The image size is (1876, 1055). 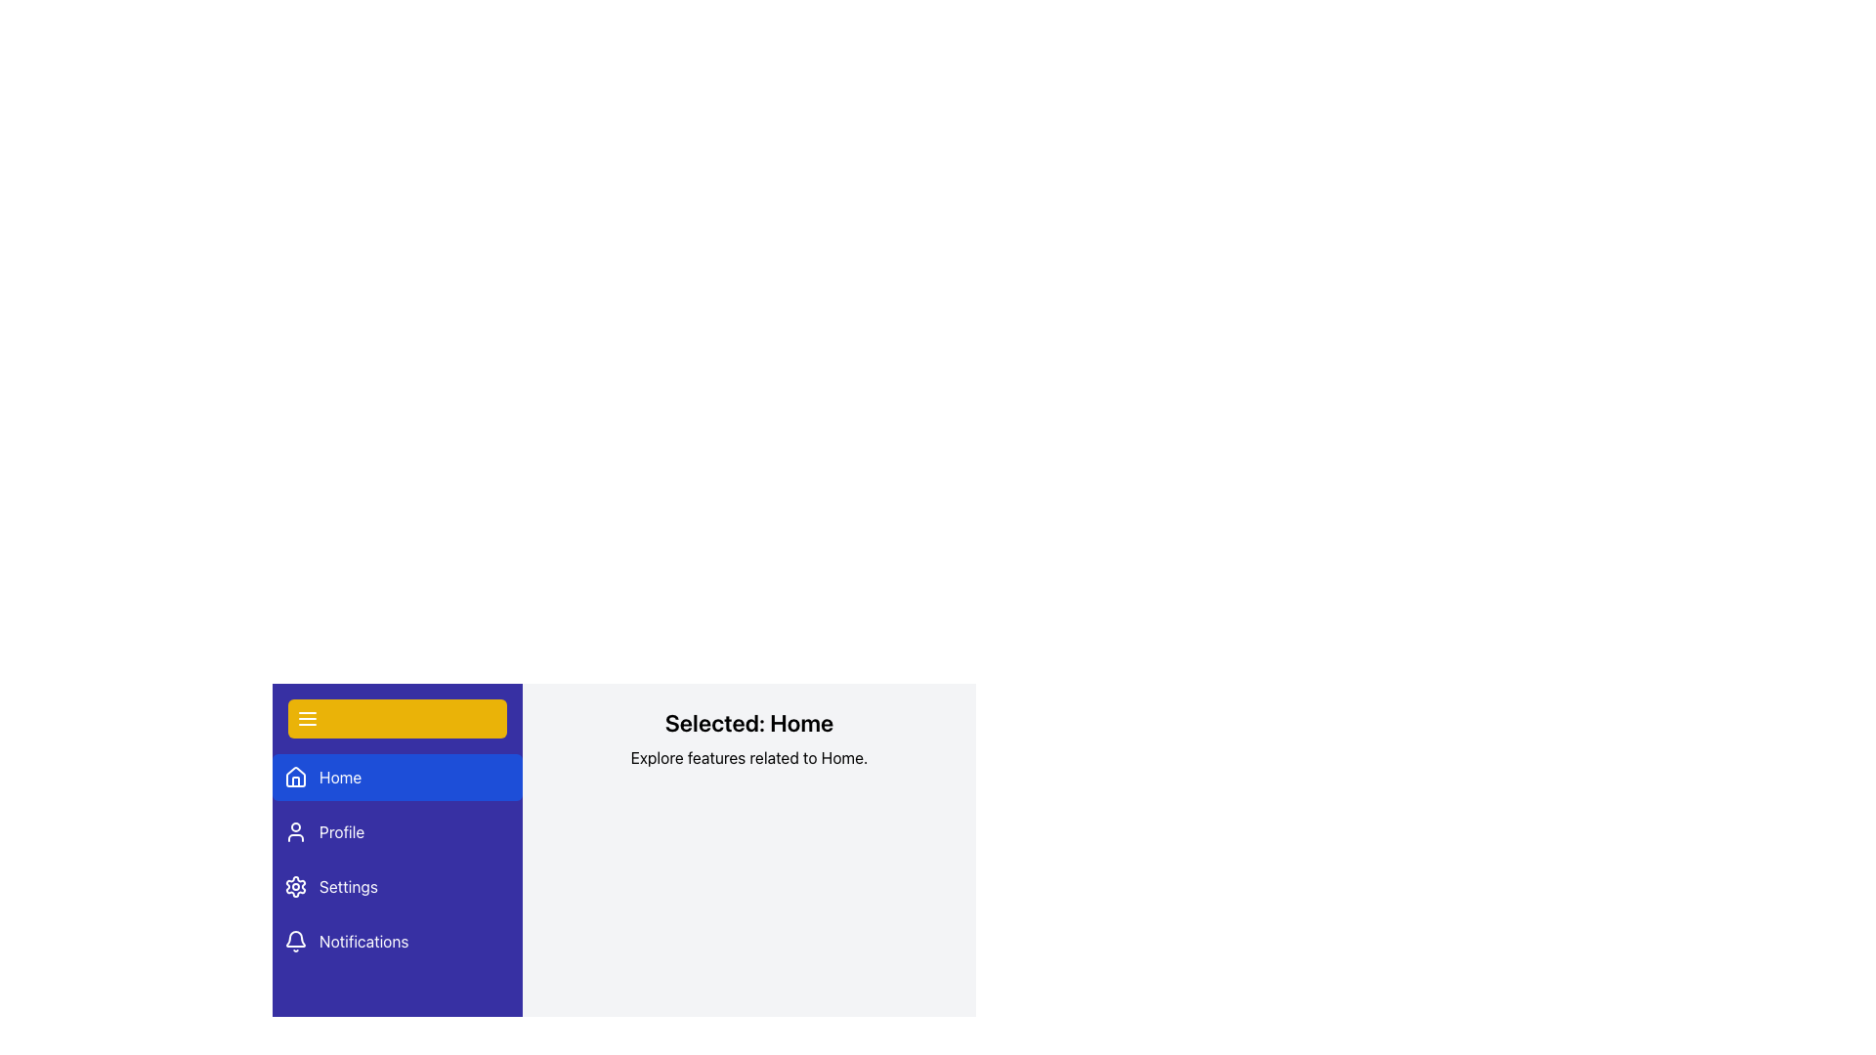 I want to click on the hamburger menu icon located at the top left of the interface, inside the yellow button area, so click(x=307, y=719).